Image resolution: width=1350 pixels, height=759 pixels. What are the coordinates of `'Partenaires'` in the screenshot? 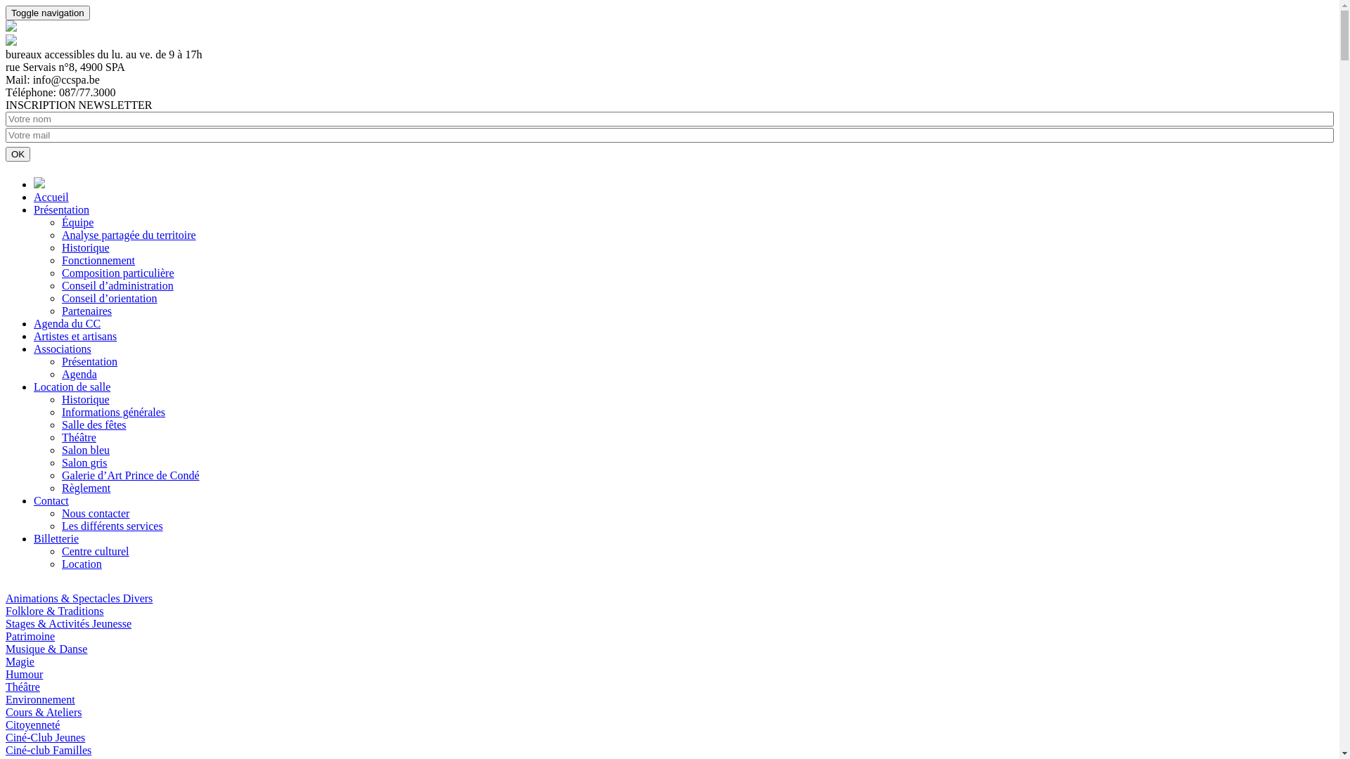 It's located at (60, 310).